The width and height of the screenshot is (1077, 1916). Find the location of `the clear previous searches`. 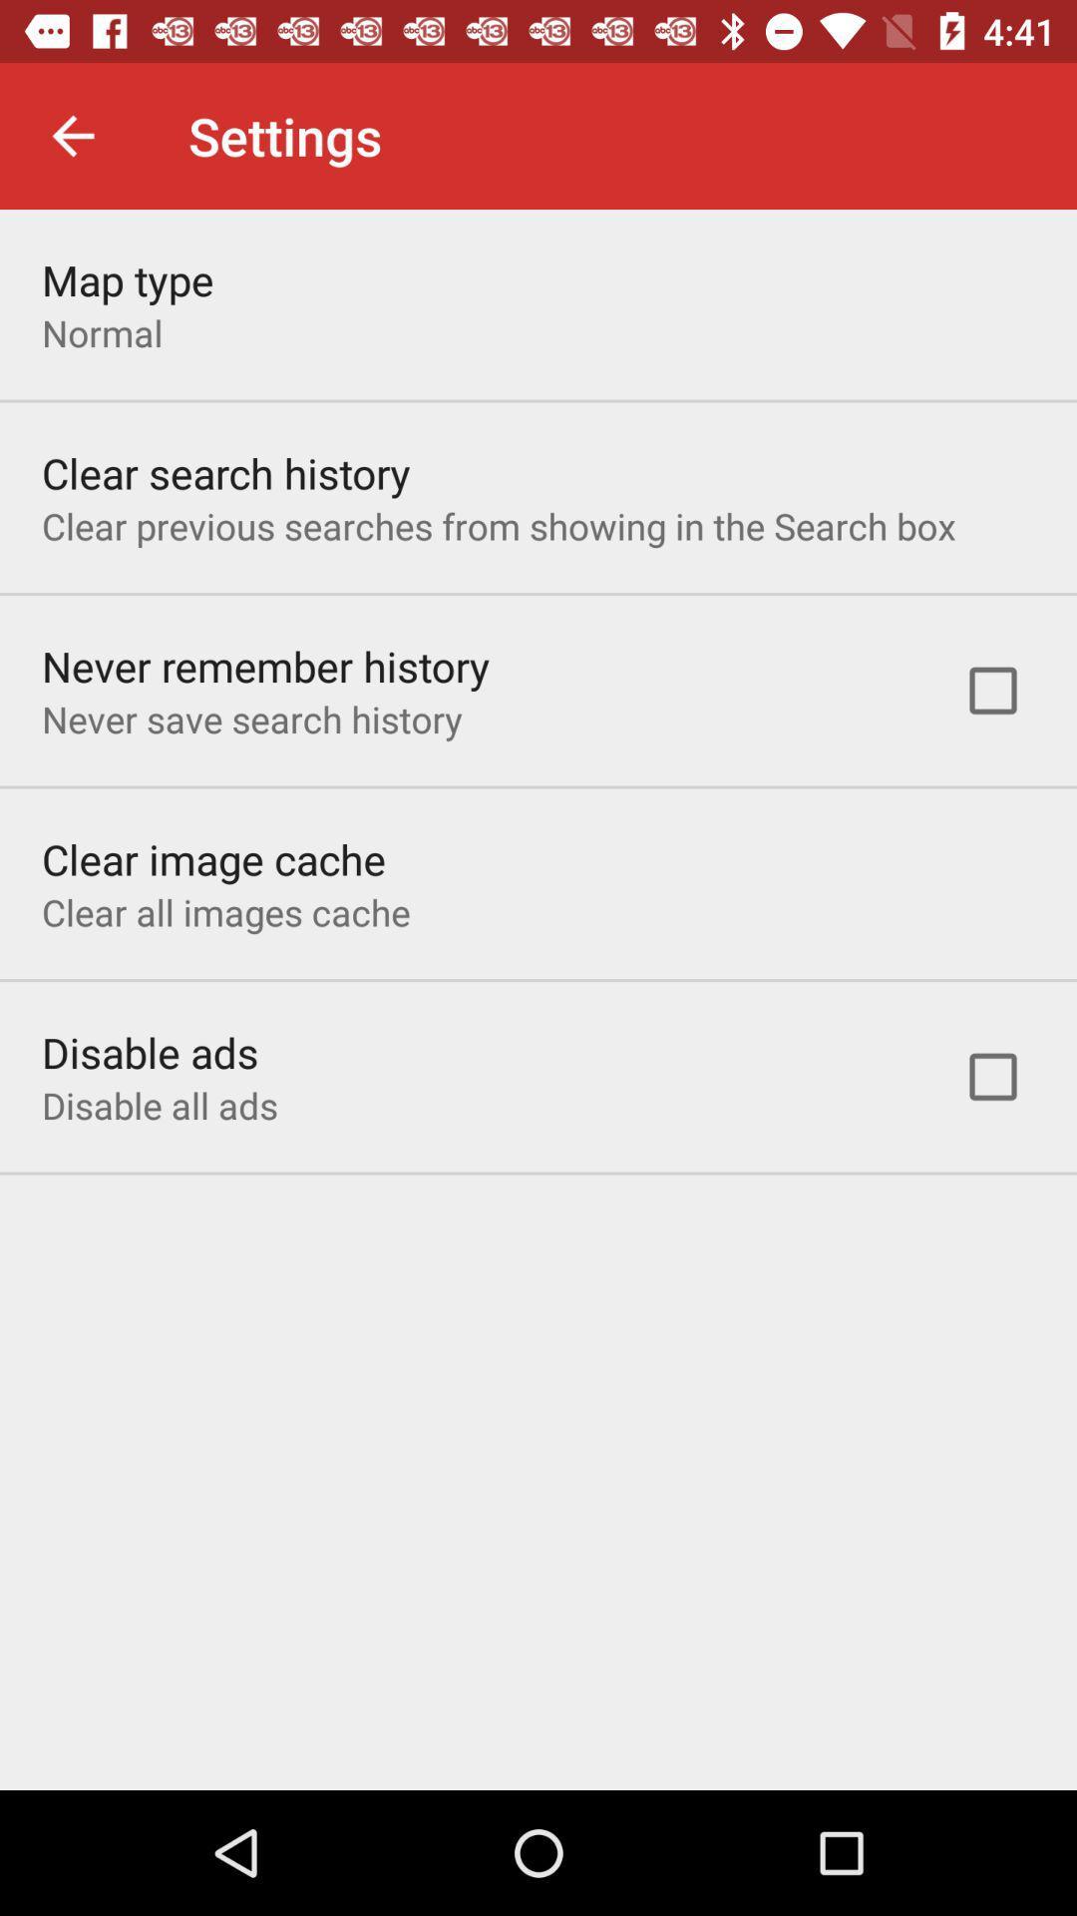

the clear previous searches is located at coordinates (498, 526).